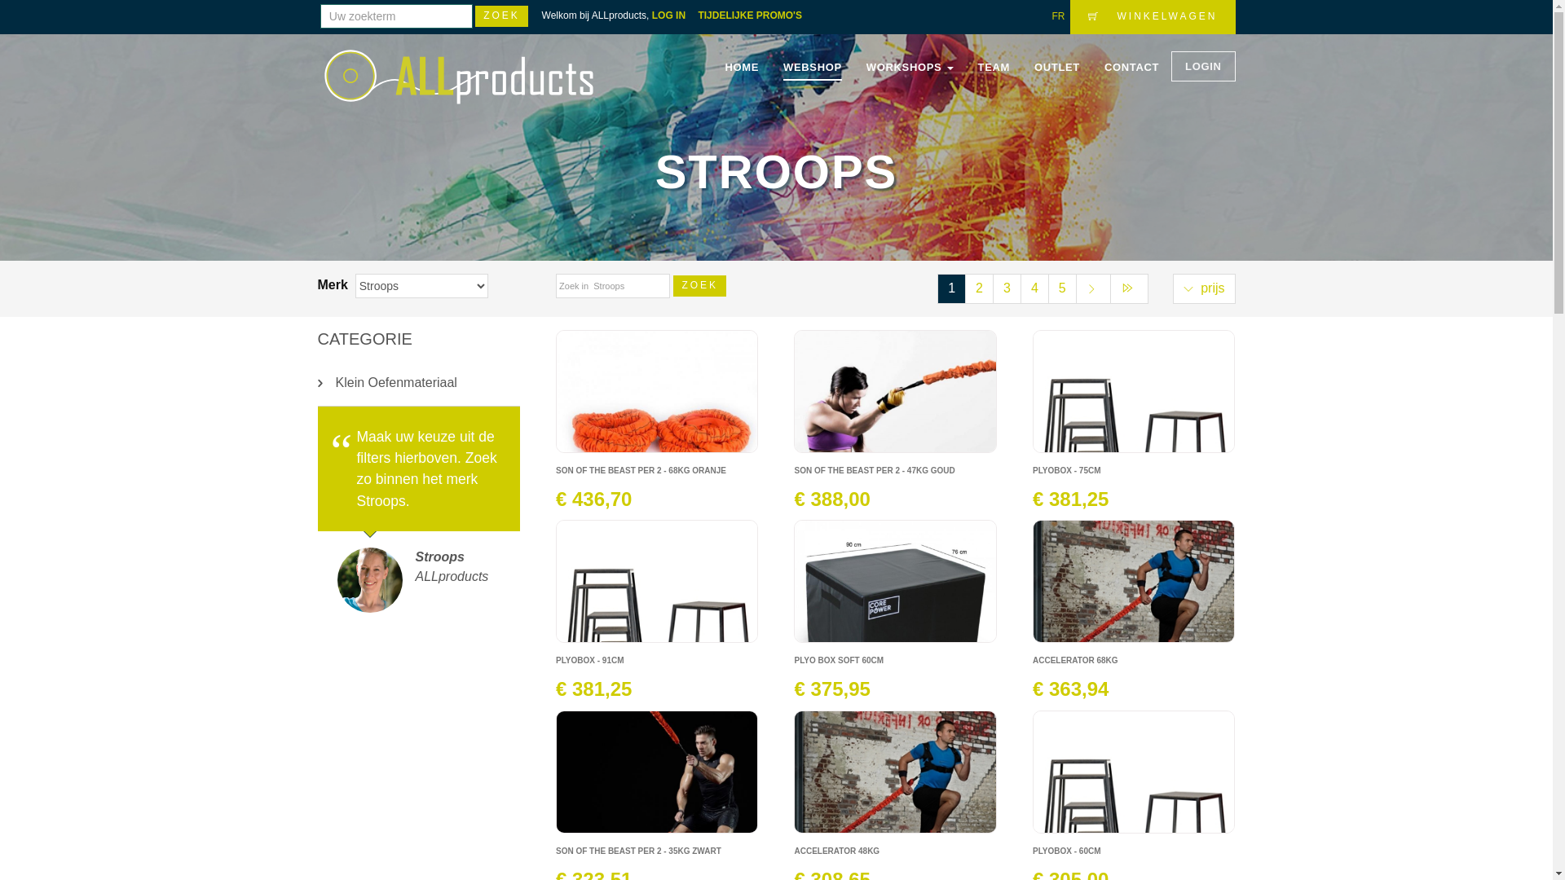 This screenshot has height=880, width=1565. What do you see at coordinates (909, 67) in the screenshot?
I see `'WORKSHOPS'` at bounding box center [909, 67].